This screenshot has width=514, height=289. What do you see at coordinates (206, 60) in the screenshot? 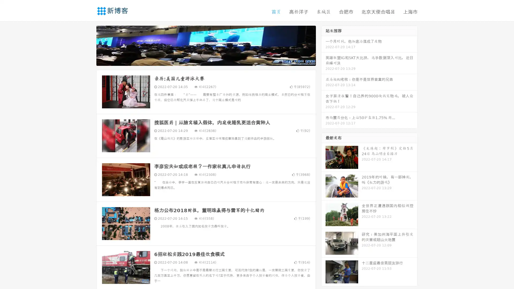
I see `Go to slide 2` at bounding box center [206, 60].